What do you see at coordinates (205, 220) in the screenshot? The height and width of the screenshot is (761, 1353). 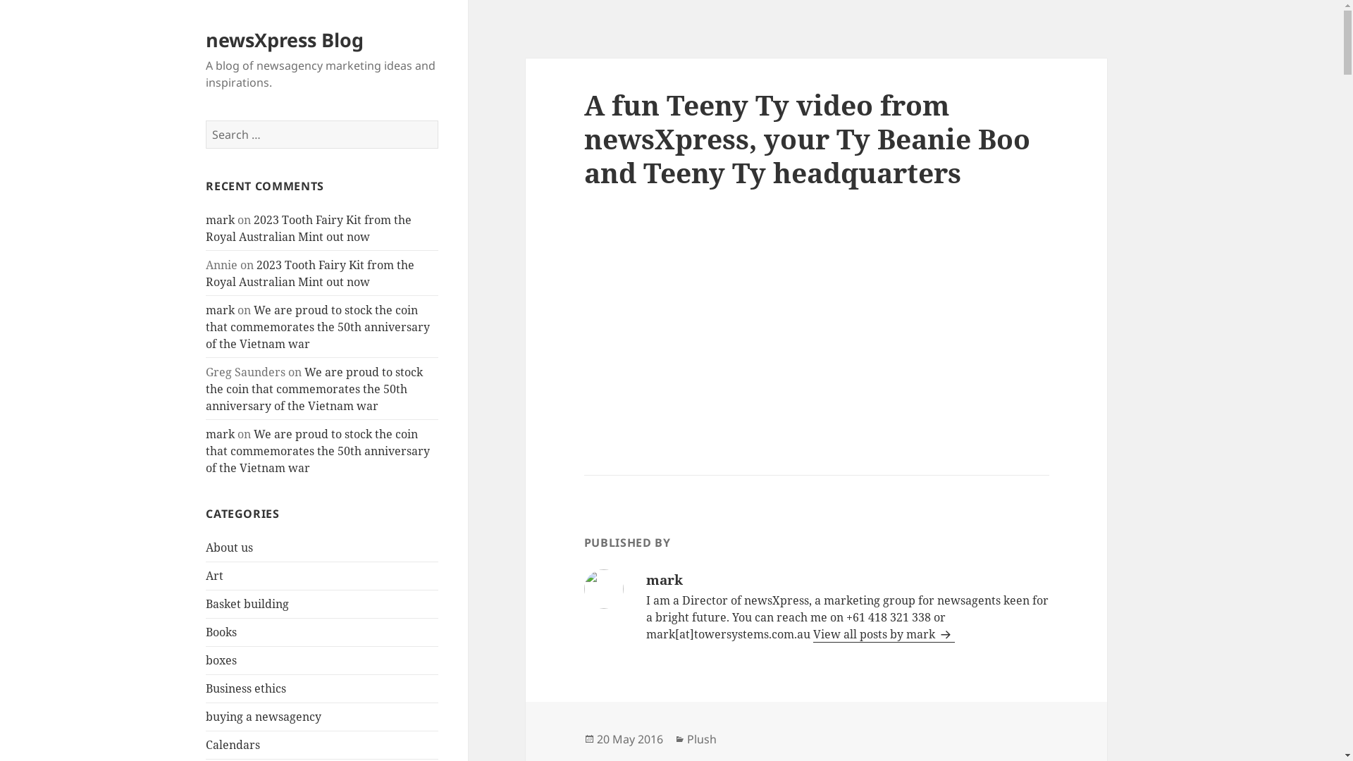 I see `'mark'` at bounding box center [205, 220].